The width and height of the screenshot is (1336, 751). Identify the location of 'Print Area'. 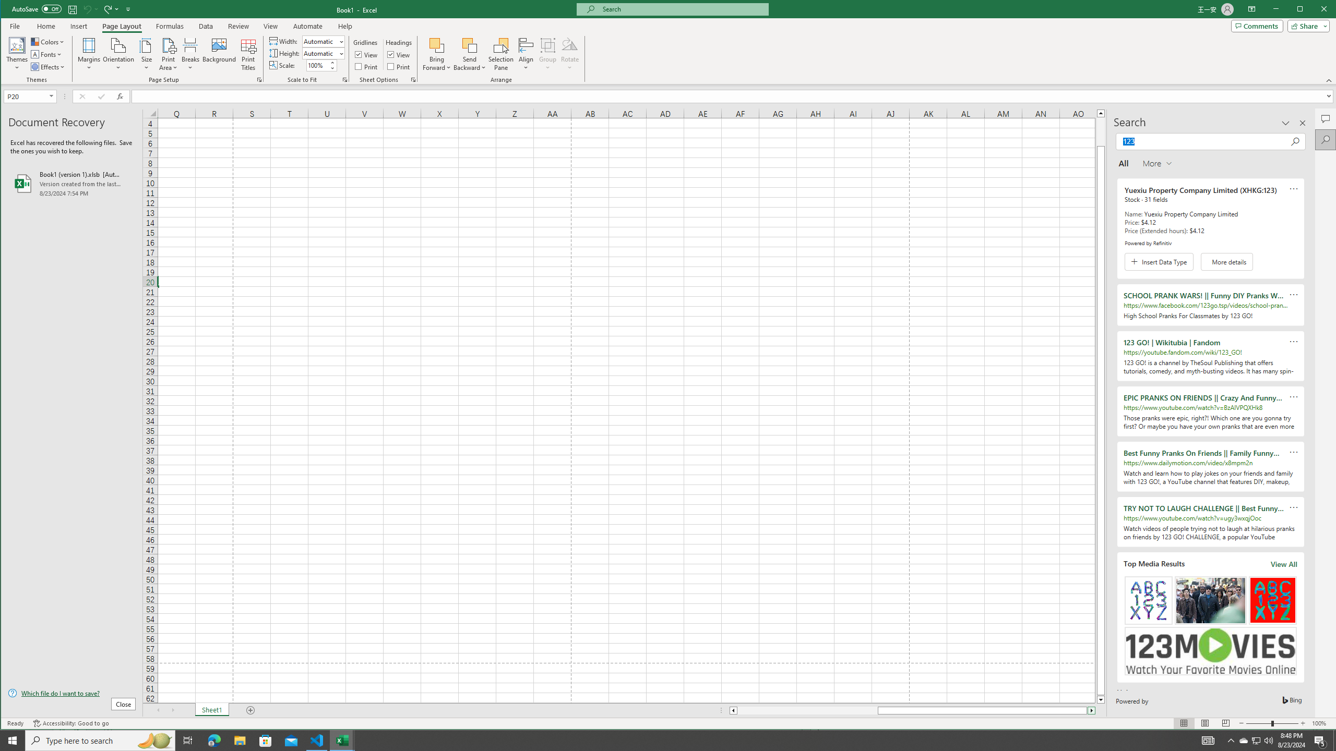
(168, 54).